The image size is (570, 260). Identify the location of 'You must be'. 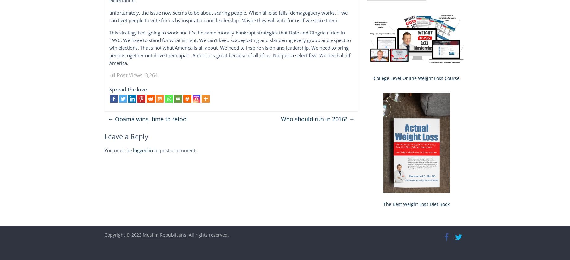
(118, 150).